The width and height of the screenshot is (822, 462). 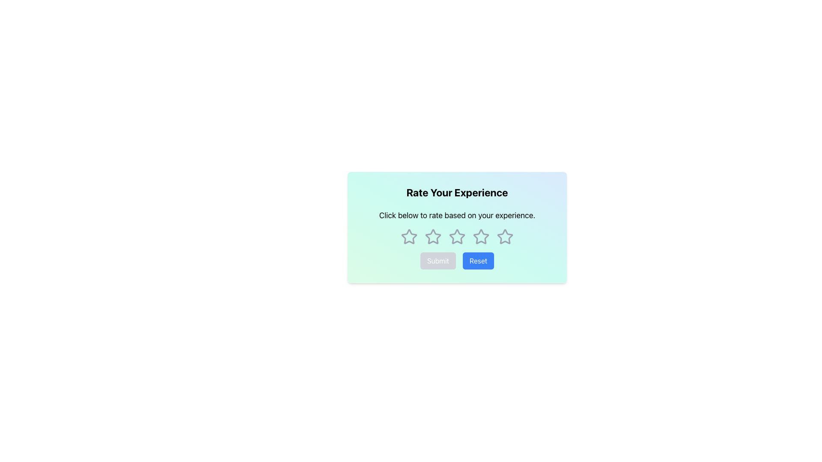 What do you see at coordinates (505, 237) in the screenshot?
I see `the fifth star rating button, which is the last star in a row of five stars, located below the text 'Click below to rate based on your experience.'` at bounding box center [505, 237].